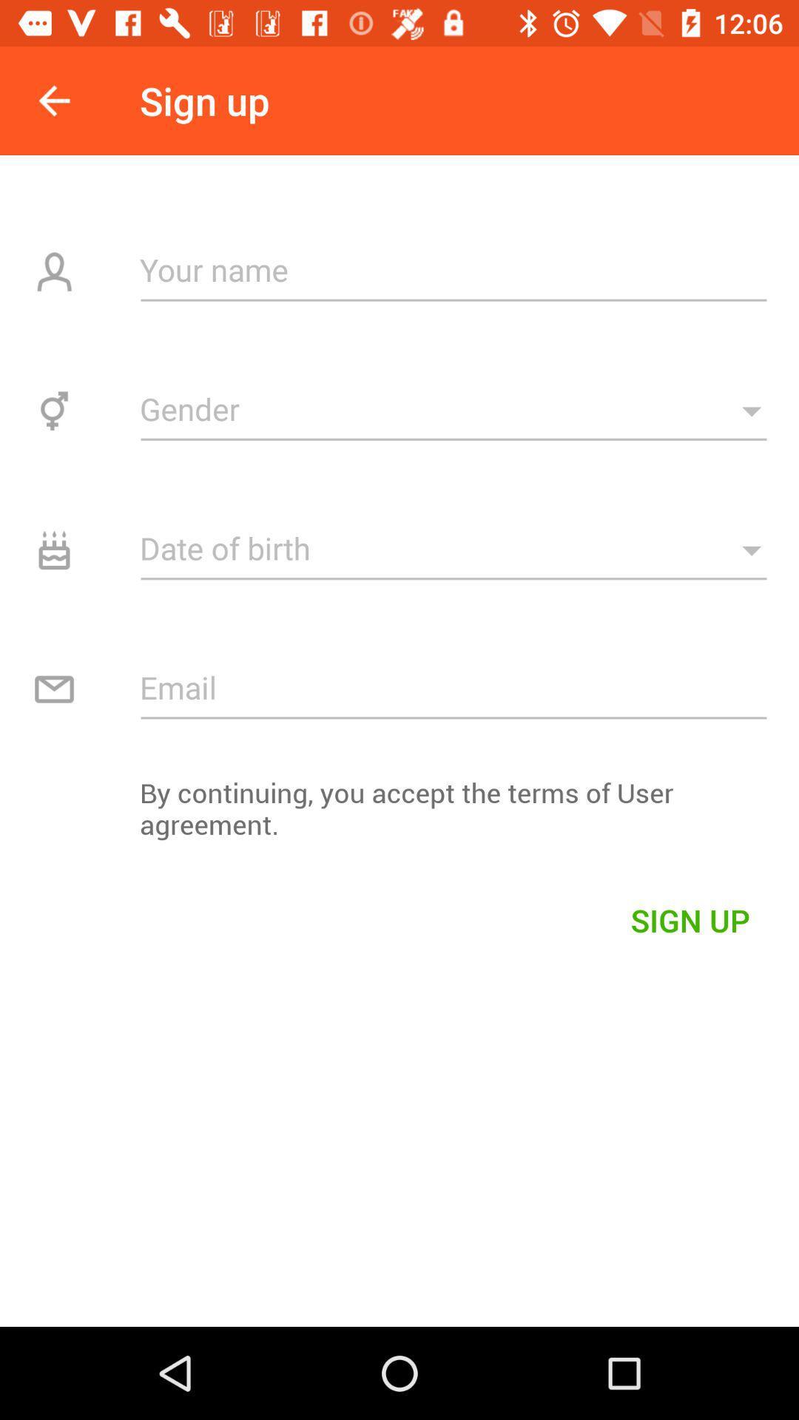  Describe the element at coordinates (453, 686) in the screenshot. I see `email` at that location.